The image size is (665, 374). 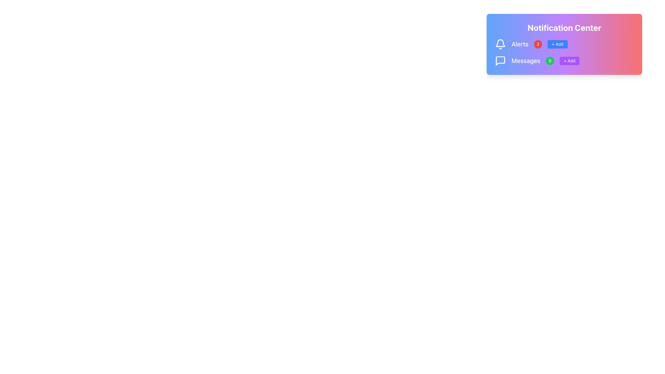 I want to click on the blue '+ Add' button located in the 'Alerts' section of the Notification Center, so click(x=564, y=44).